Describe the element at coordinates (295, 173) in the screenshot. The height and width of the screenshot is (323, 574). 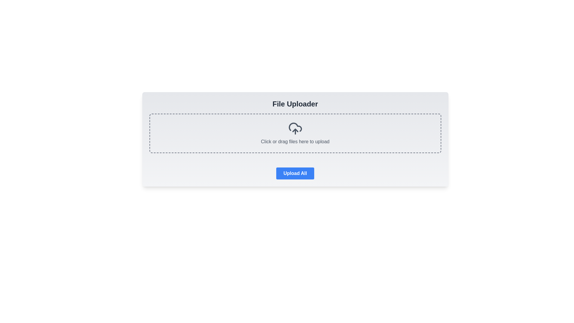
I see `the blue rectangular button labeled 'Upload All' to initiate the upload process` at that location.